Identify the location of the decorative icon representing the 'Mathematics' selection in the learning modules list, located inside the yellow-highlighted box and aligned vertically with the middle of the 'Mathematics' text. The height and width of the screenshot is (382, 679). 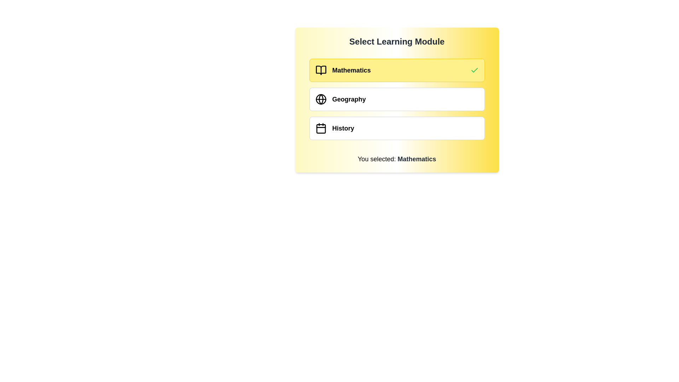
(320, 70).